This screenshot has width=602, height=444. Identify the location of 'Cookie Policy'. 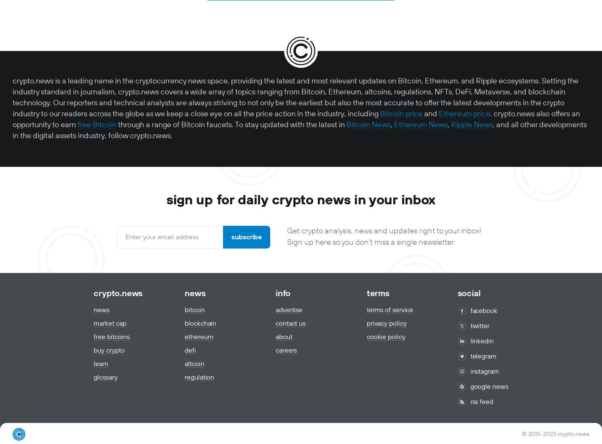
(386, 336).